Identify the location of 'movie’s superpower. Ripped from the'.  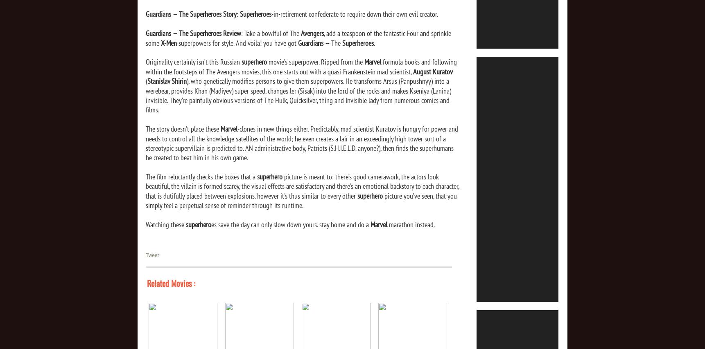
(315, 61).